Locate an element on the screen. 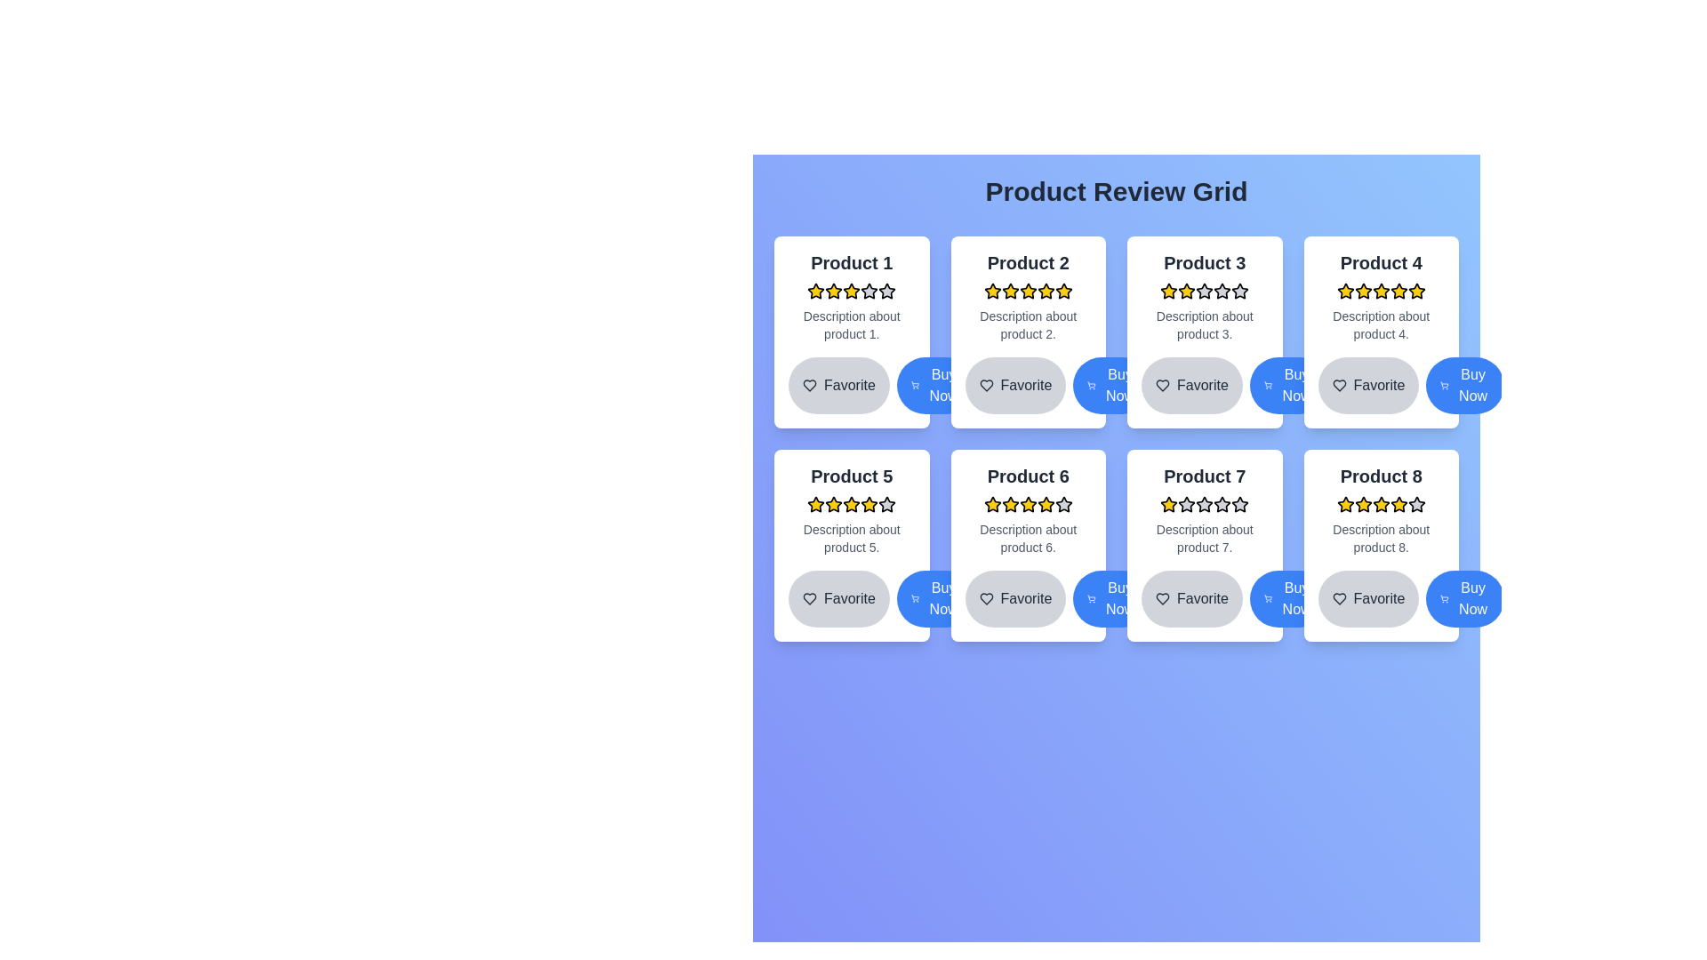  the purchase button located at the bottom-right corner of the fourth product card is located at coordinates (1465, 385).